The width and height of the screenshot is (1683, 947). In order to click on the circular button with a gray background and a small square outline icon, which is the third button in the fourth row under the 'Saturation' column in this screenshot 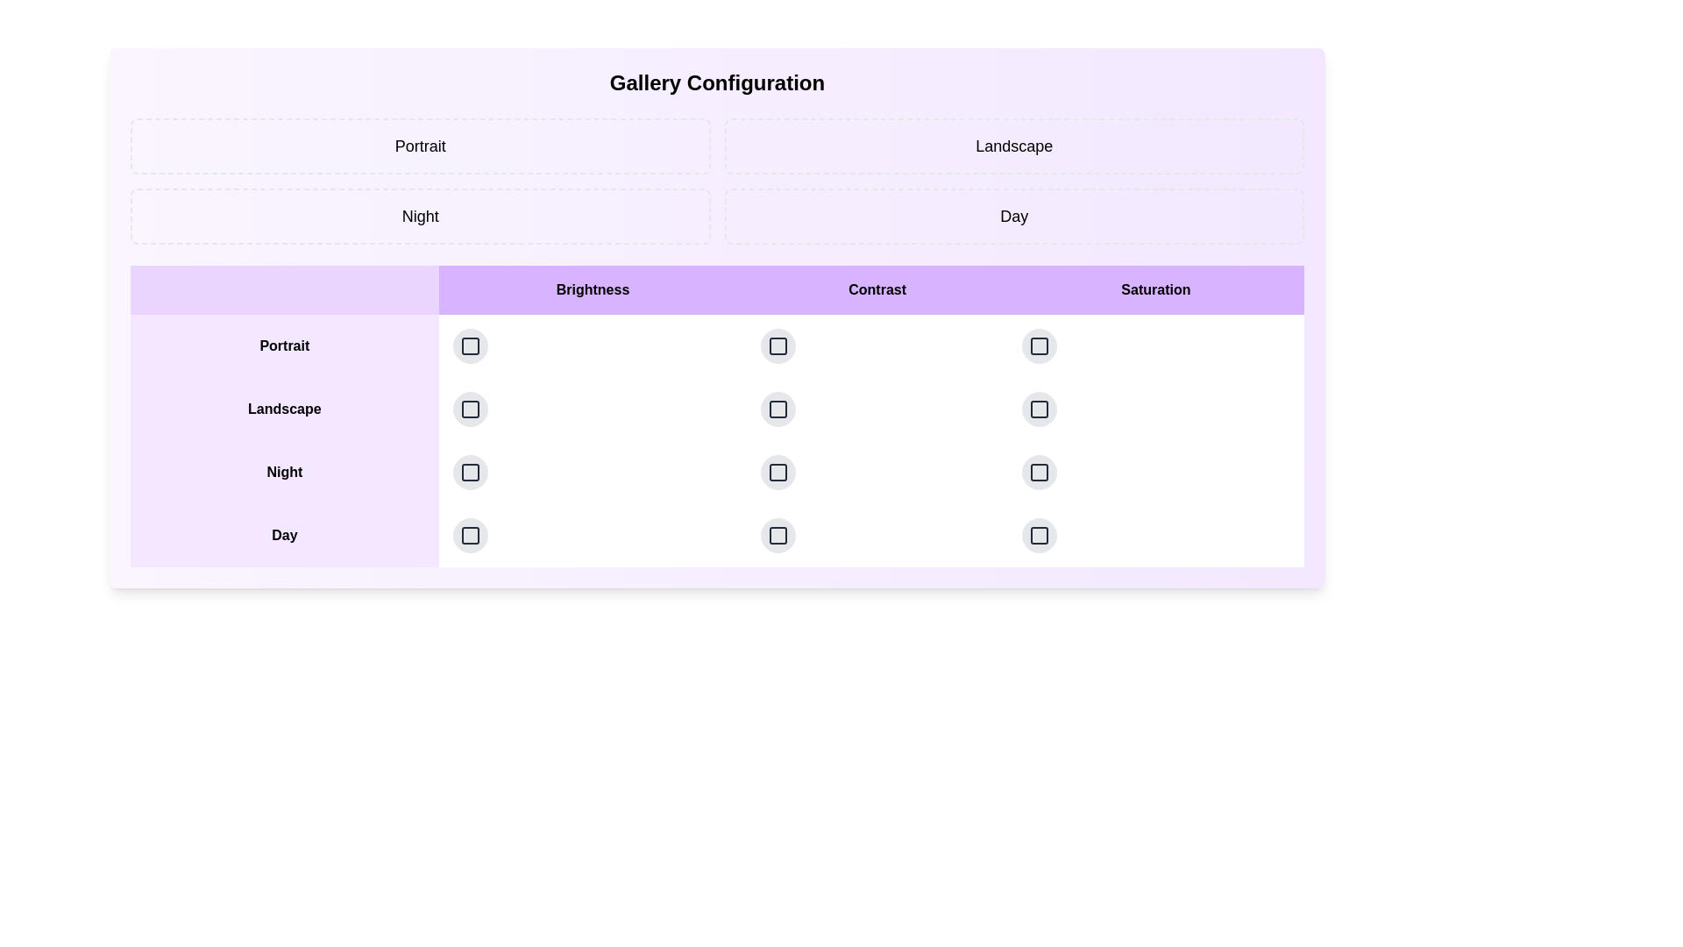, I will do `click(1039, 472)`.